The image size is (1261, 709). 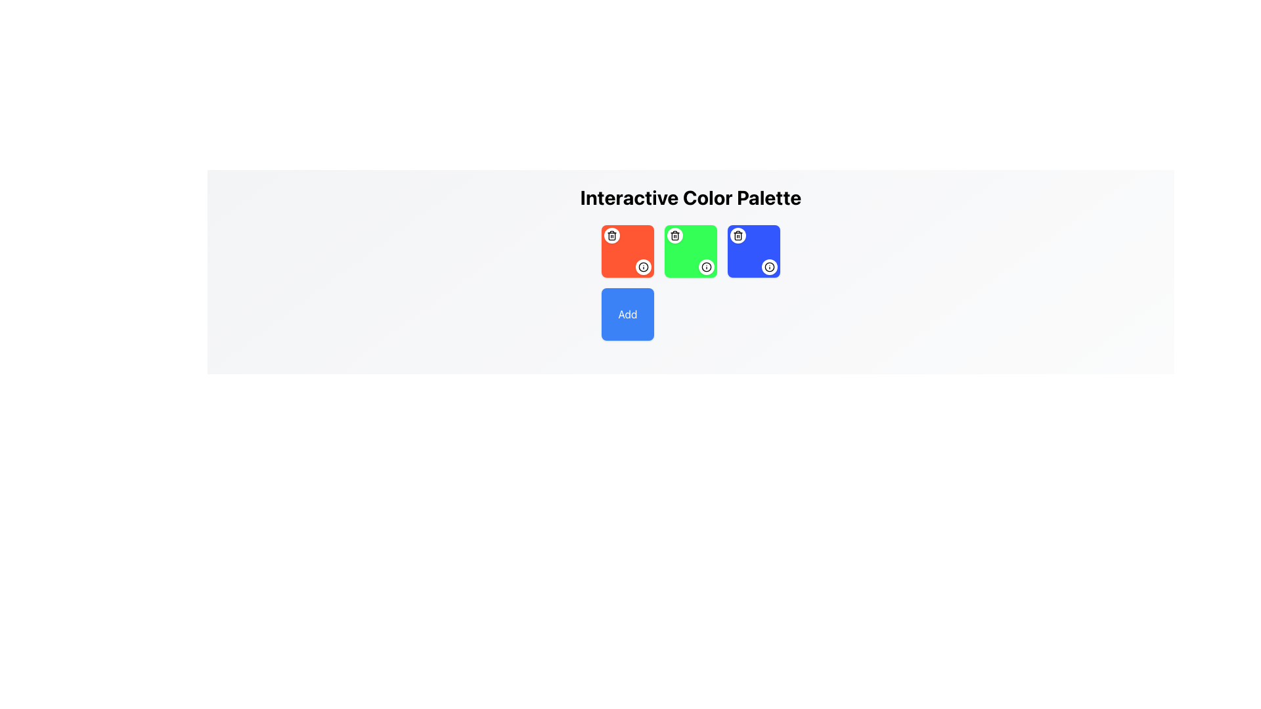 I want to click on the information icon, which is a circular icon with a stylized lowercase 'i' inside a white circular background, located at the bottom-right corner of a blue rectangle in the third column of a grid of colored squares, so click(x=769, y=267).